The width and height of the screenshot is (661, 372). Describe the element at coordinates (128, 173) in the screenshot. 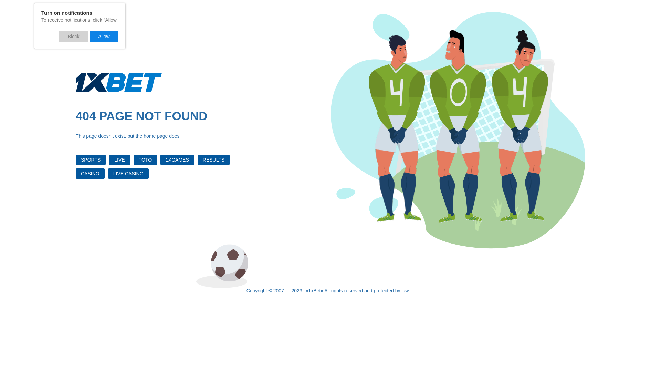

I see `'LIVE CASINO'` at that location.